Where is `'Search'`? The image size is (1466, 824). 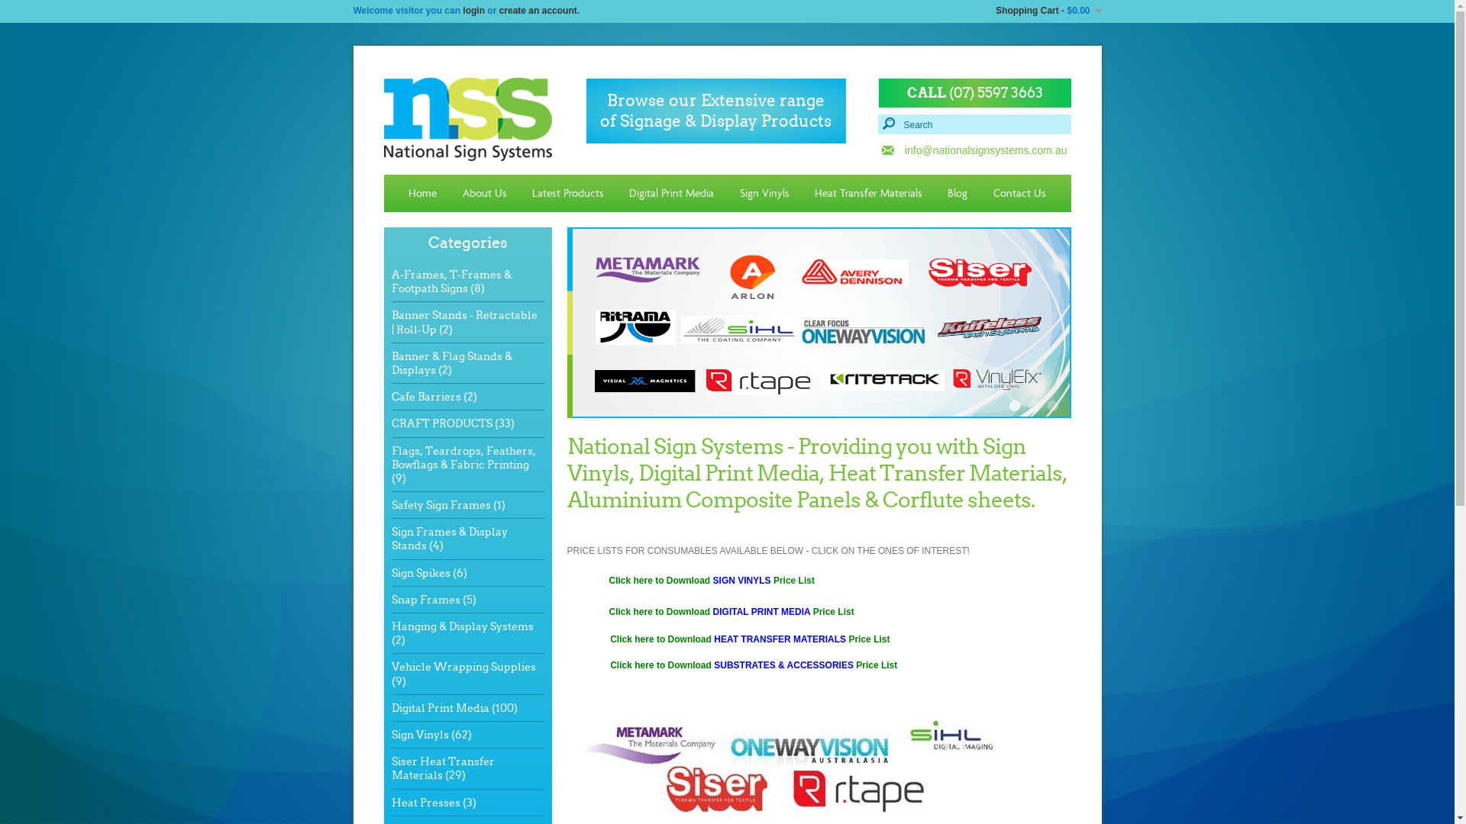
'Search' is located at coordinates (974, 123).